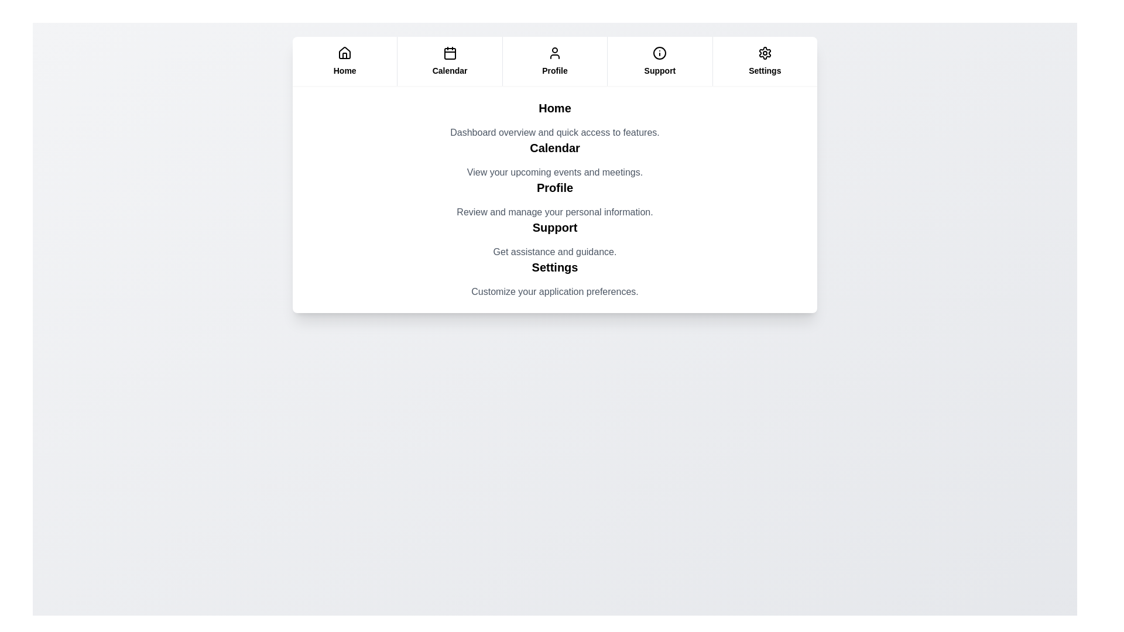 The width and height of the screenshot is (1124, 632). I want to click on the 'Home' text label, which is styled with a small bold font and positioned directly beneath the house icon in the navigation menu, so click(344, 70).